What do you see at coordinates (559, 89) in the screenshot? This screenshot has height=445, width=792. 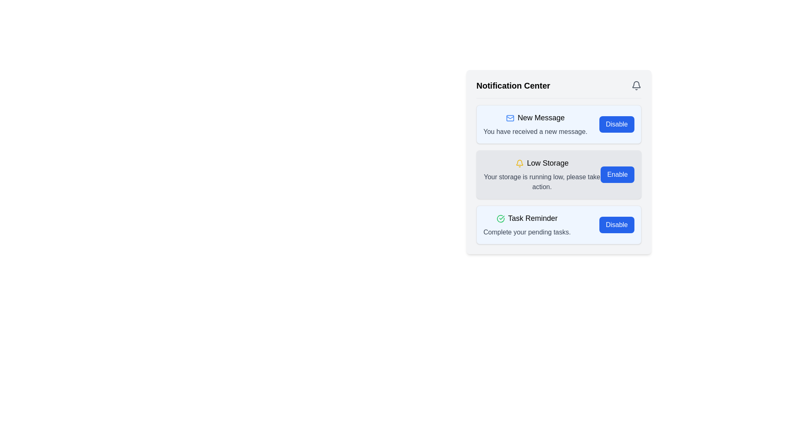 I see `the 'Notification Center' heading element that displays the text in bold with a bell icon, located at the top of the notification panel` at bounding box center [559, 89].